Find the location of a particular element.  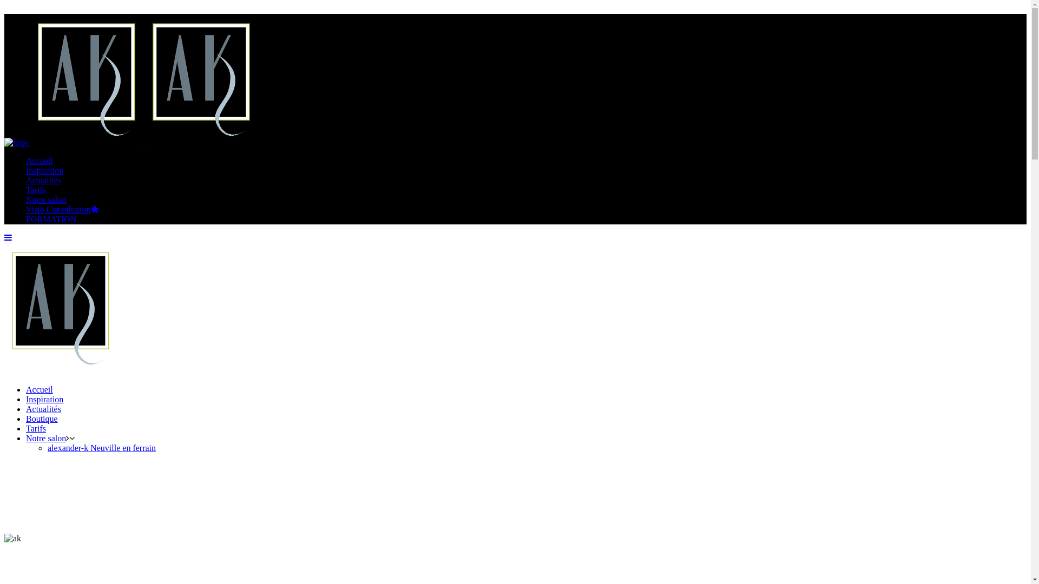

'Accueil' is located at coordinates (39, 161).